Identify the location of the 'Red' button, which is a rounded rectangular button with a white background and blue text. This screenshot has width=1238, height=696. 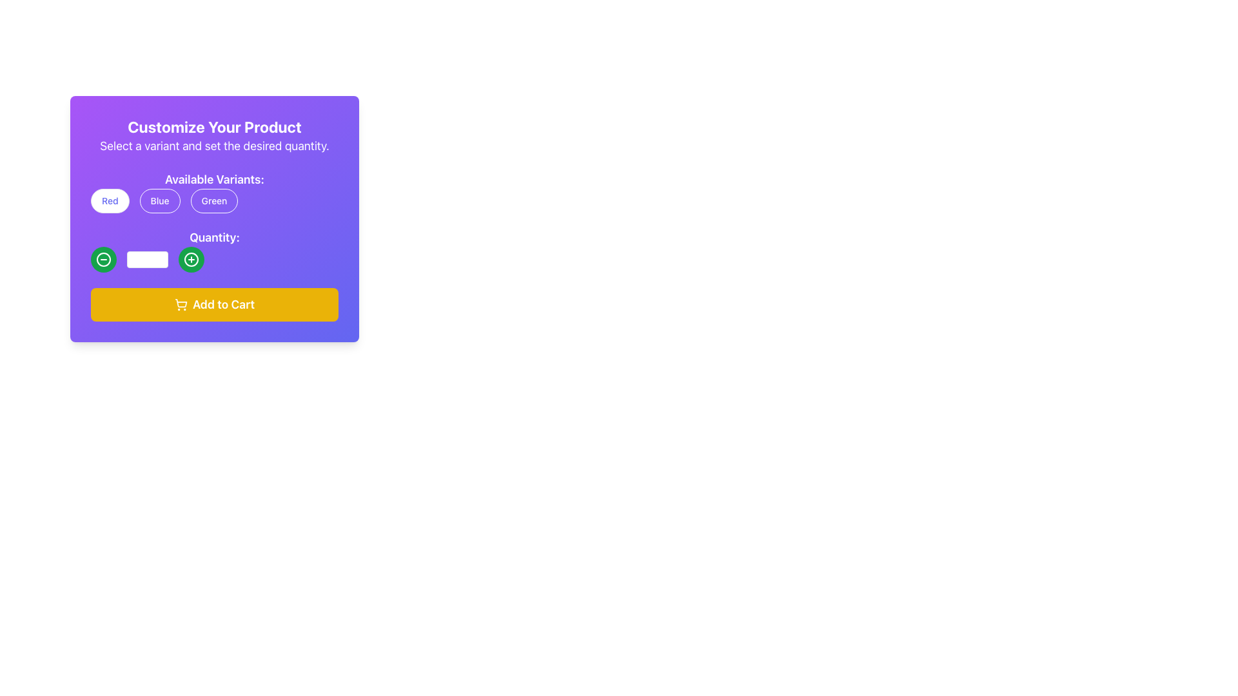
(110, 201).